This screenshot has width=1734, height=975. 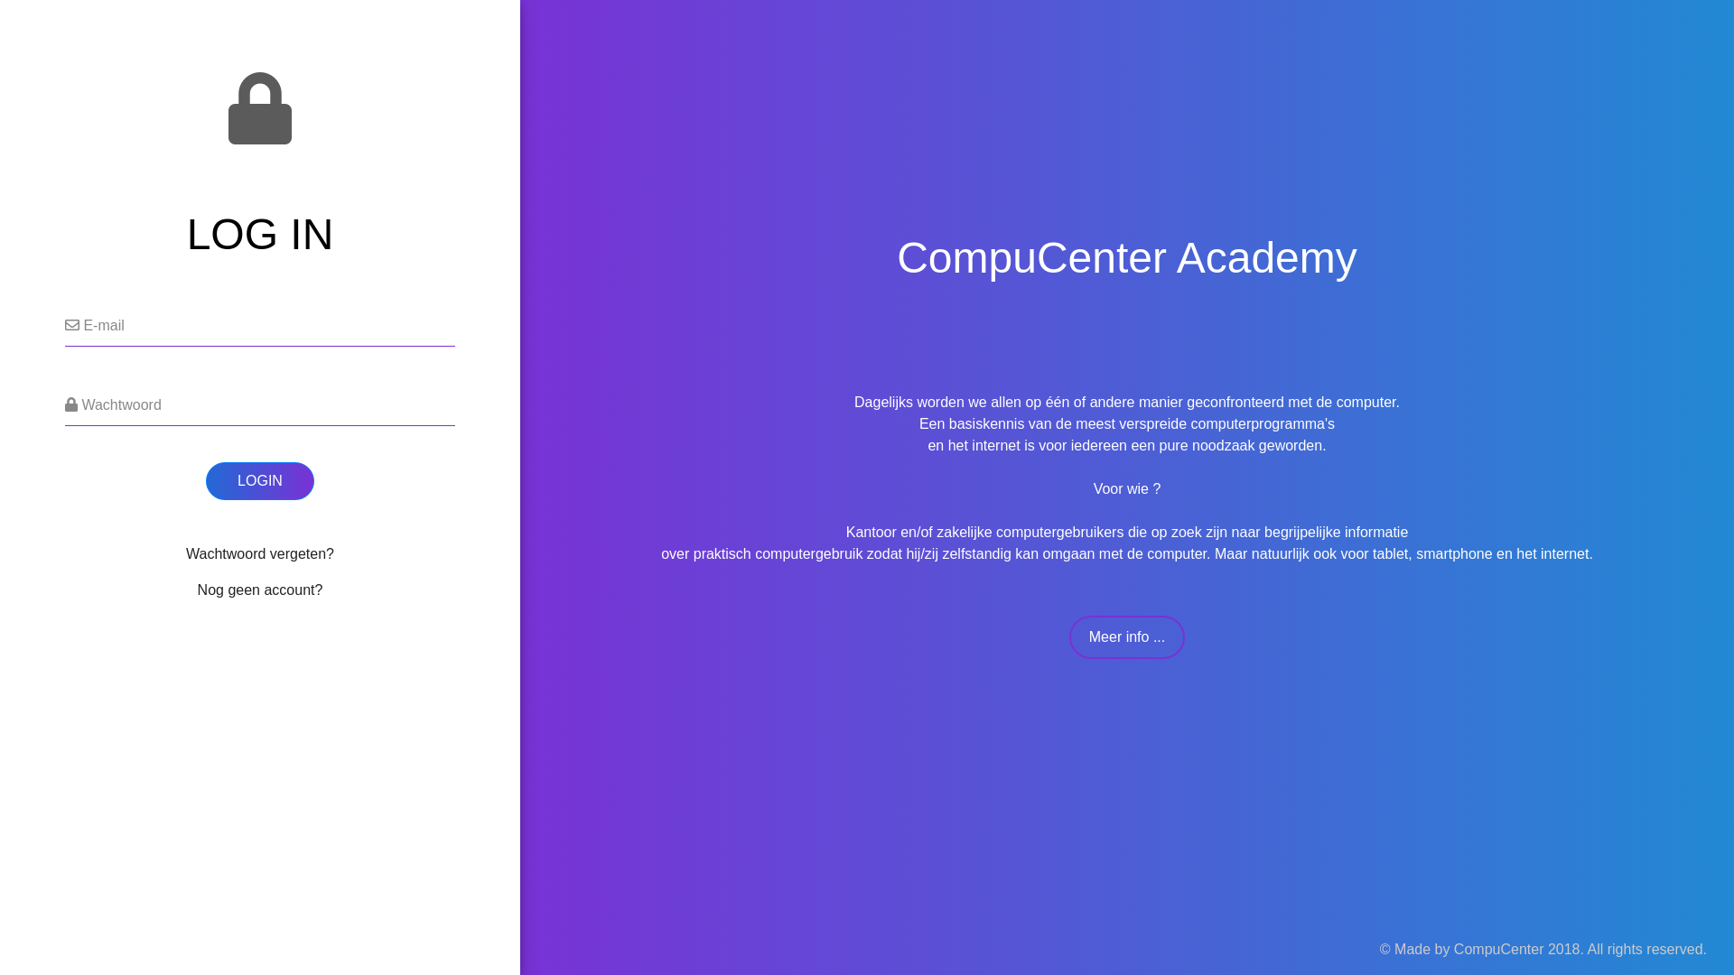 I want to click on 'Wachtwoord vergeten?', so click(x=259, y=552).